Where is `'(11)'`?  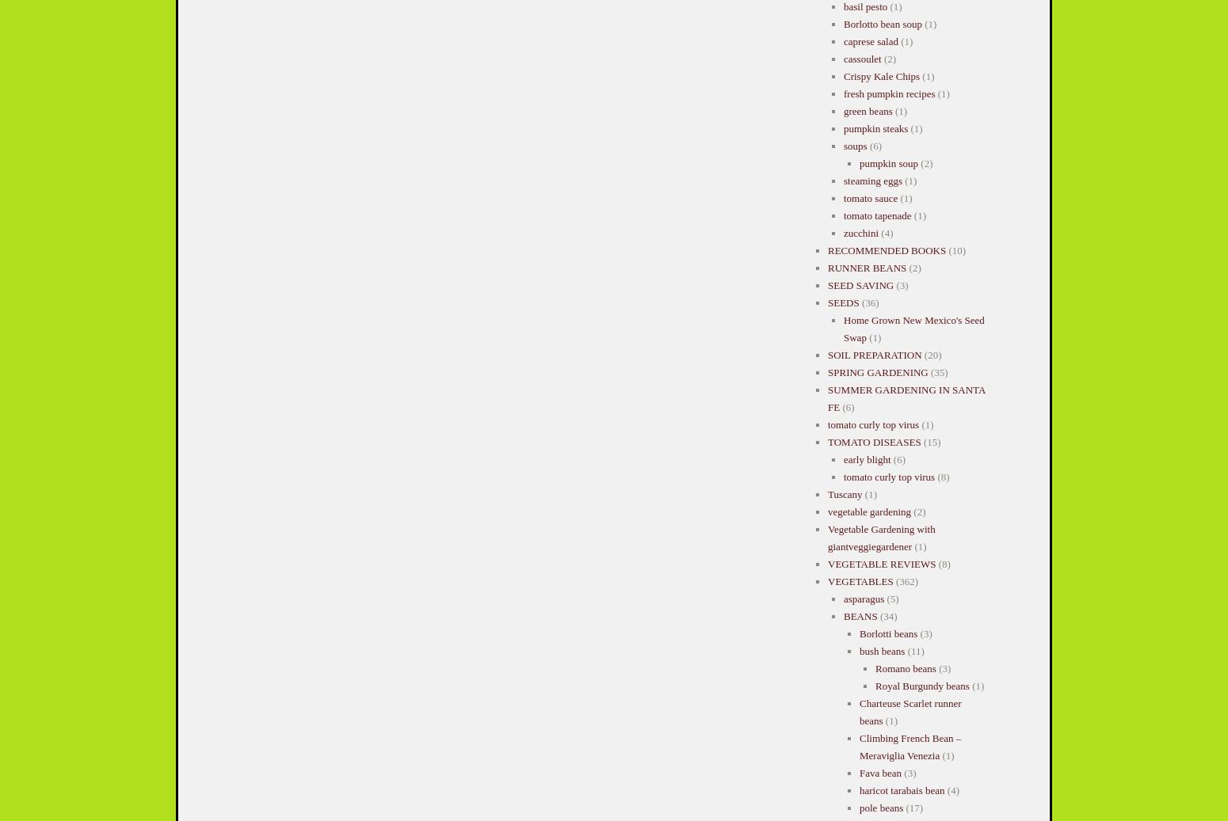 '(11)' is located at coordinates (913, 651).